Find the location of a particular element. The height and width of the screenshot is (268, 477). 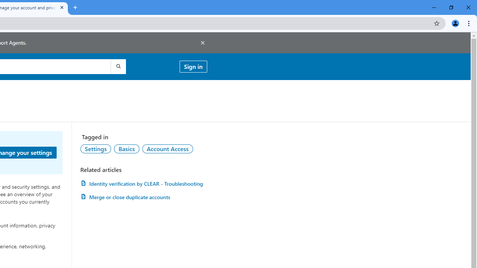

'Merge or close duplicate accounts' is located at coordinates (143, 197).